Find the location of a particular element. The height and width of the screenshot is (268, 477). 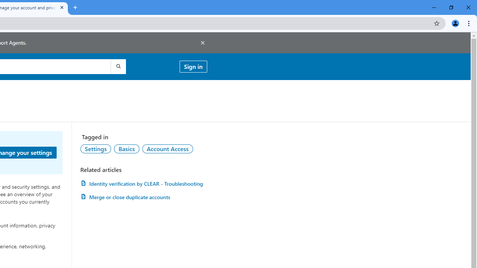

'Merge or close duplicate accounts' is located at coordinates (143, 197).